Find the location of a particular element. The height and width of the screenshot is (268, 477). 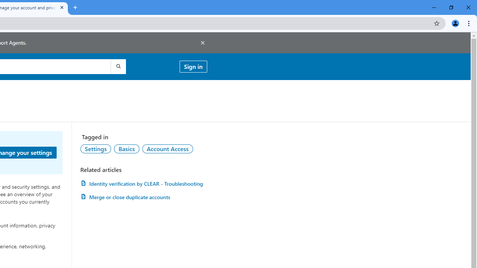

'Merge or close duplicate accounts' is located at coordinates (143, 197).